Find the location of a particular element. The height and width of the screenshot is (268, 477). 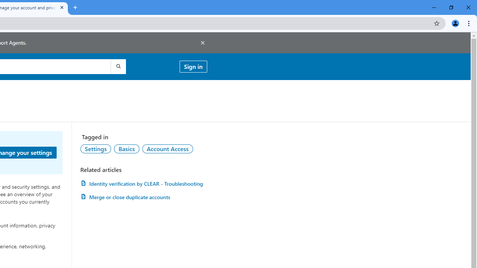

'Merge or close duplicate accounts' is located at coordinates (143, 197).